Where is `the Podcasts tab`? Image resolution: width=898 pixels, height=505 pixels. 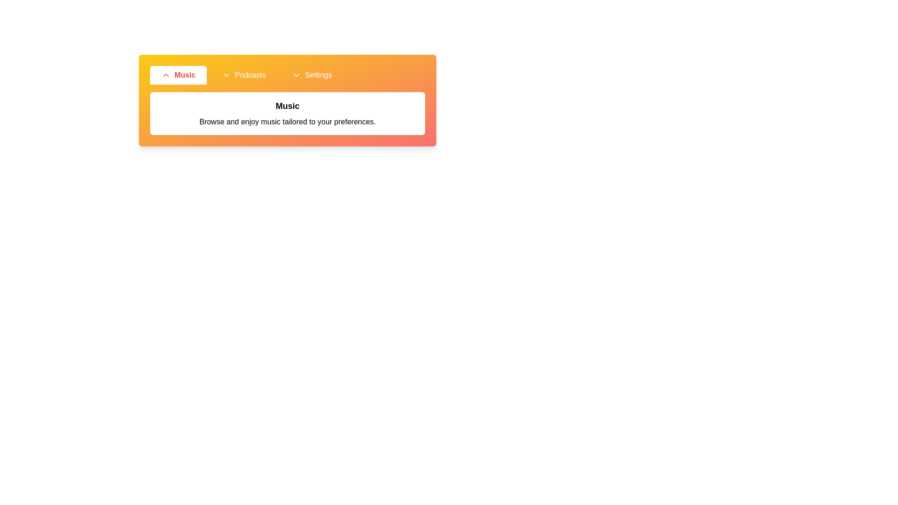
the Podcasts tab is located at coordinates (244, 75).